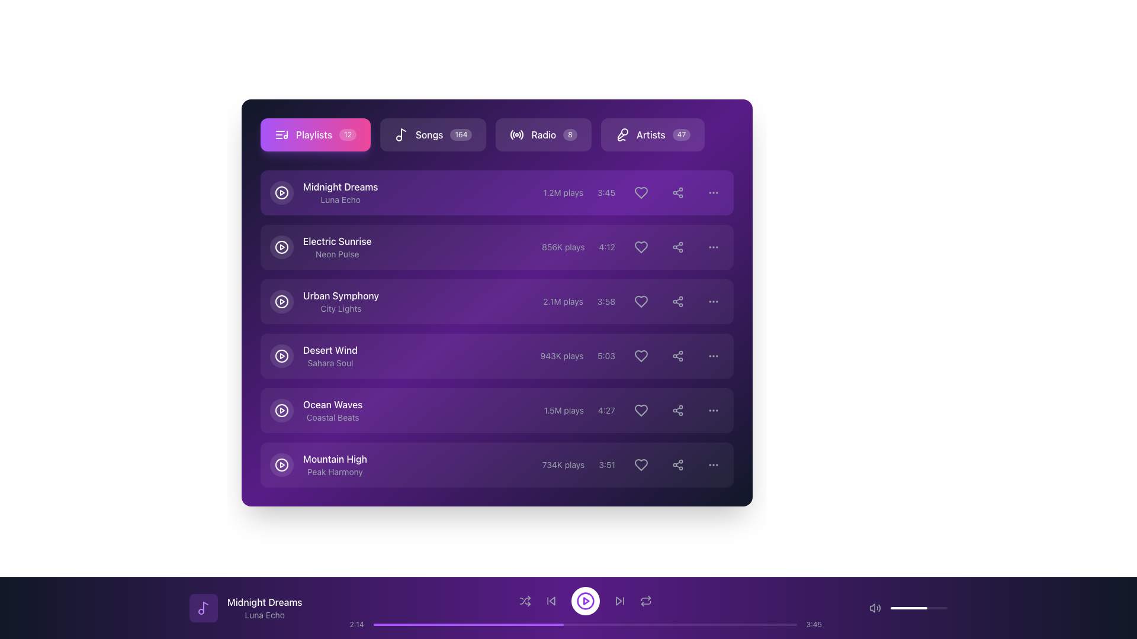 The height and width of the screenshot is (639, 1137). I want to click on the interactive list item representing the song 'Mountain High' by 'Peak Harmony', so click(497, 464).